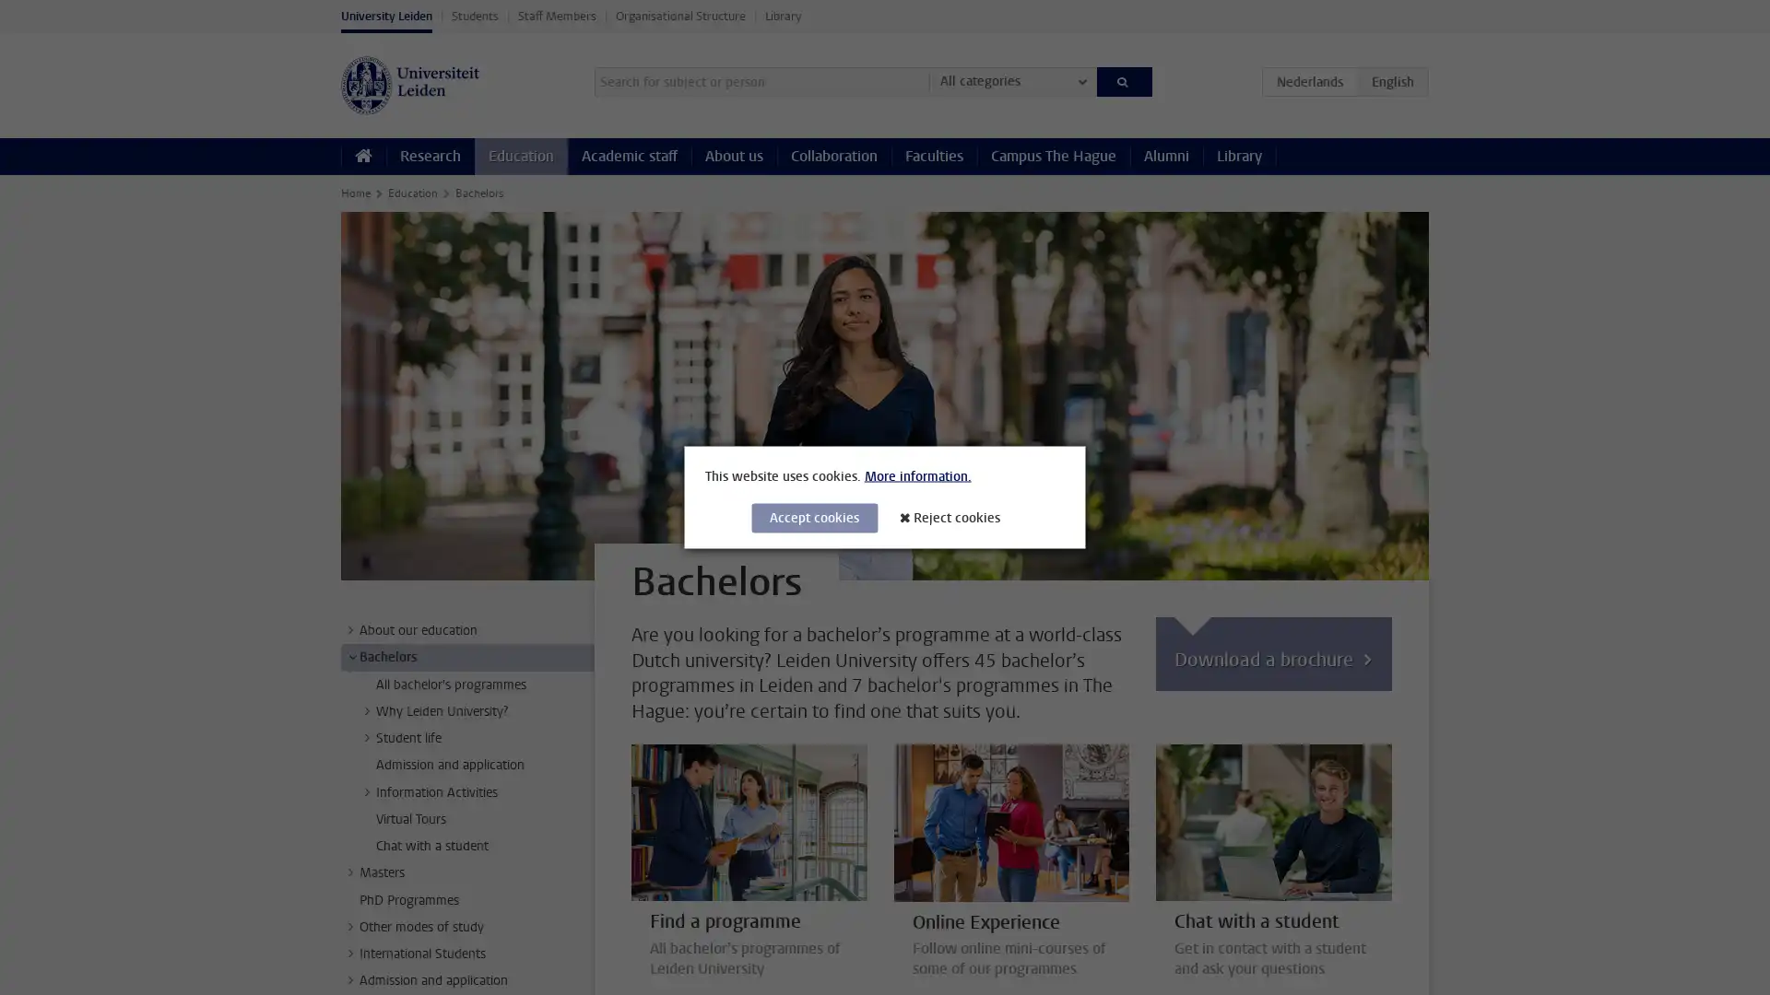  Describe the element at coordinates (1011, 80) in the screenshot. I see `All categories` at that location.